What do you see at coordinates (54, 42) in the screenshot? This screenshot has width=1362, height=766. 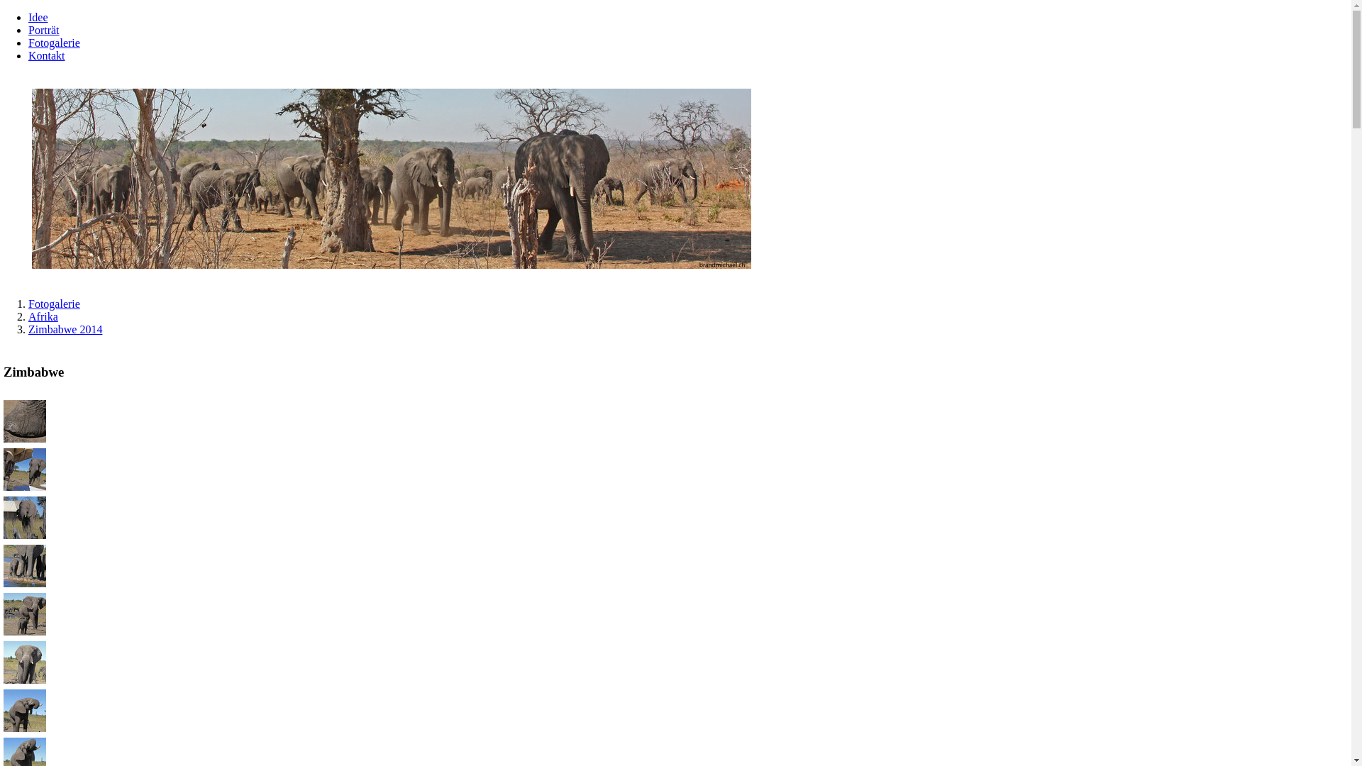 I see `'Fotogalerie'` at bounding box center [54, 42].